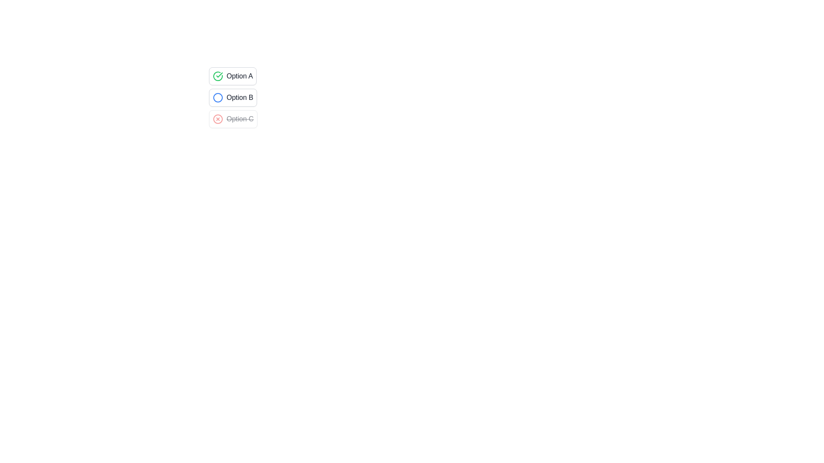 This screenshot has width=824, height=463. What do you see at coordinates (240, 97) in the screenshot?
I see `the radio button associated with 'Option B'` at bounding box center [240, 97].